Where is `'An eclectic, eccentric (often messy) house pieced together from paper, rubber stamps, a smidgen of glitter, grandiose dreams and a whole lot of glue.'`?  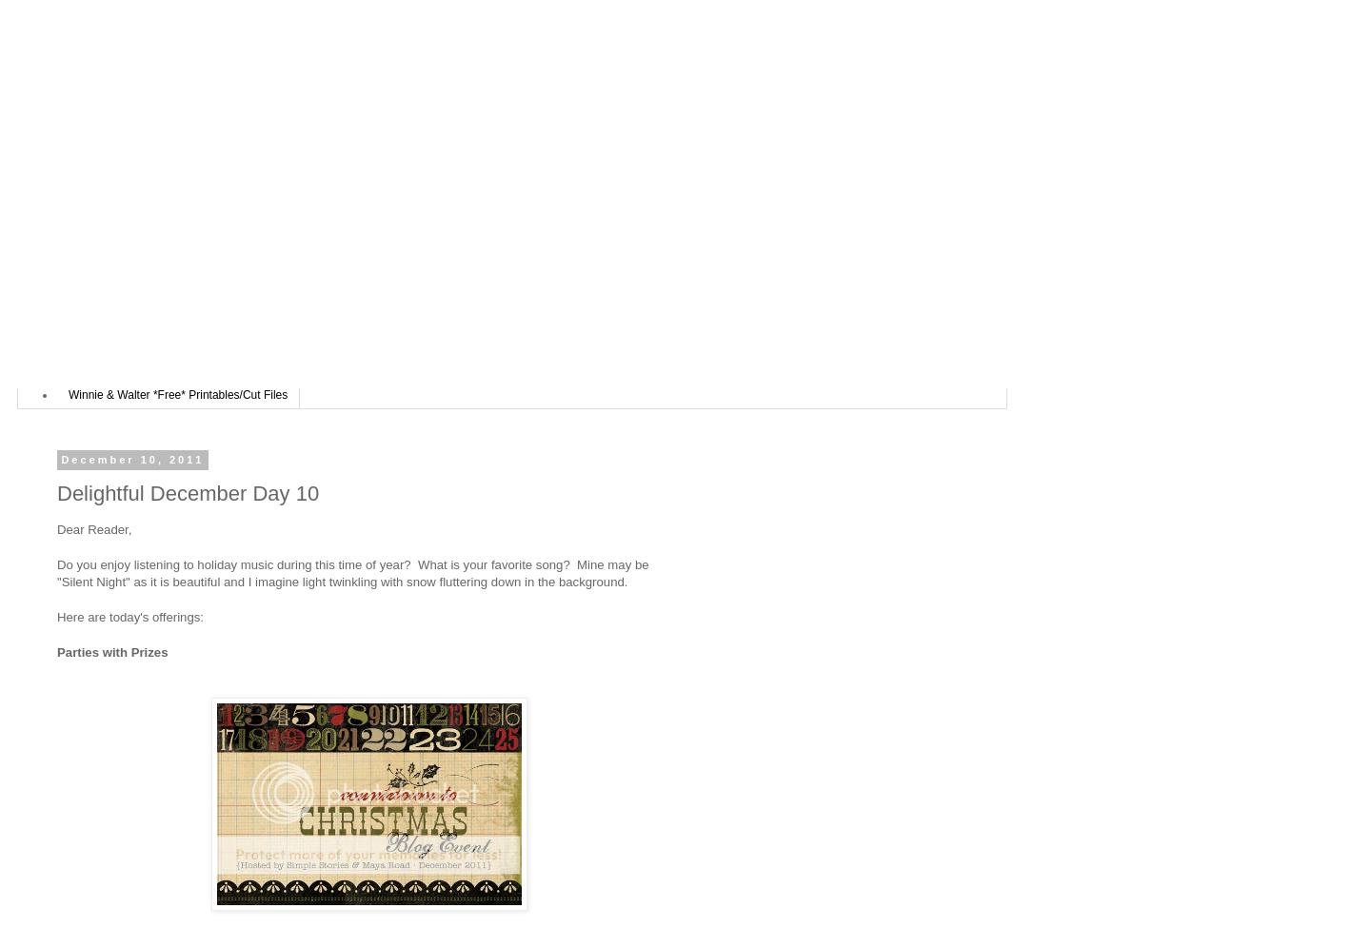 'An eclectic, eccentric (often messy) house pieced together from paper, rubber stamps, a smidgen of glitter, grandiose dreams and a whole lot of glue.' is located at coordinates (488, 262).